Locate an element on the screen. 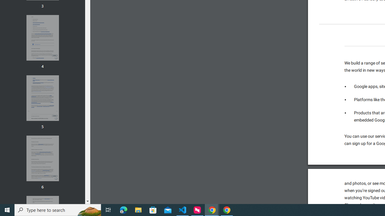  'Thumbnail for page 6' is located at coordinates (42, 158).